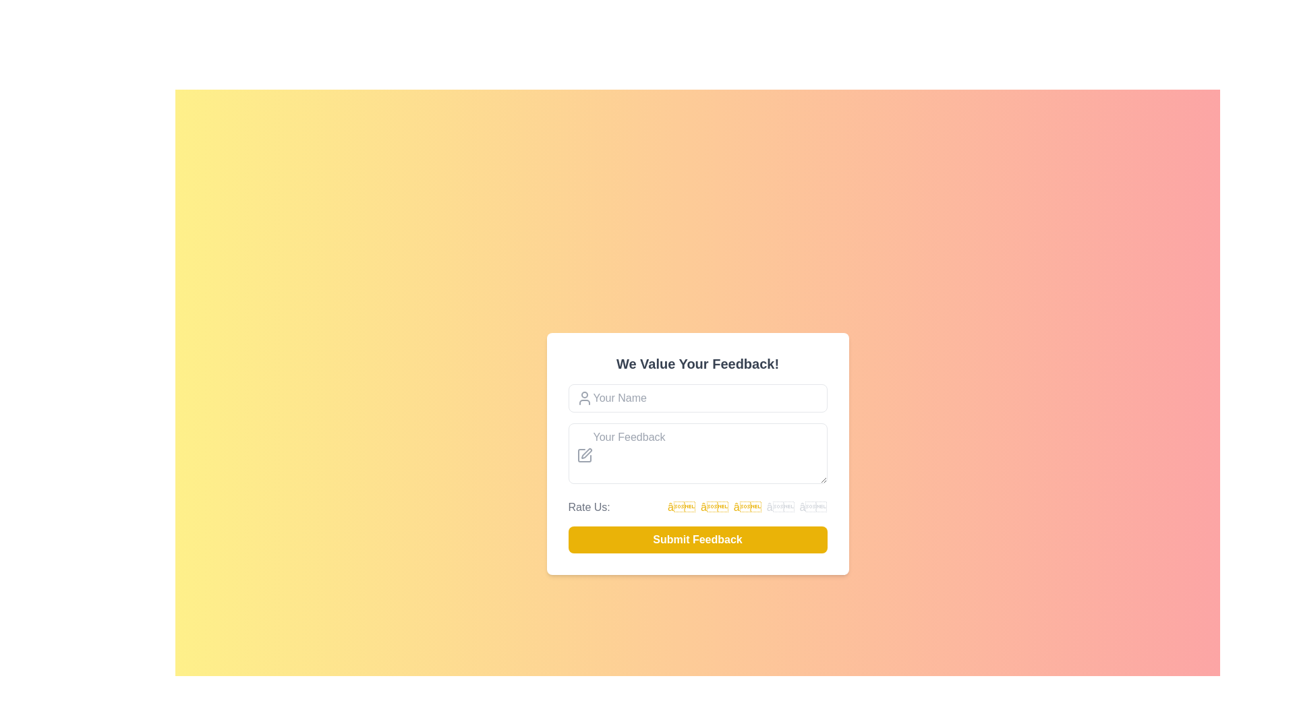  I want to click on the fifth star rating button under the label 'Rate Us:' in the feedback form, so click(813, 507).